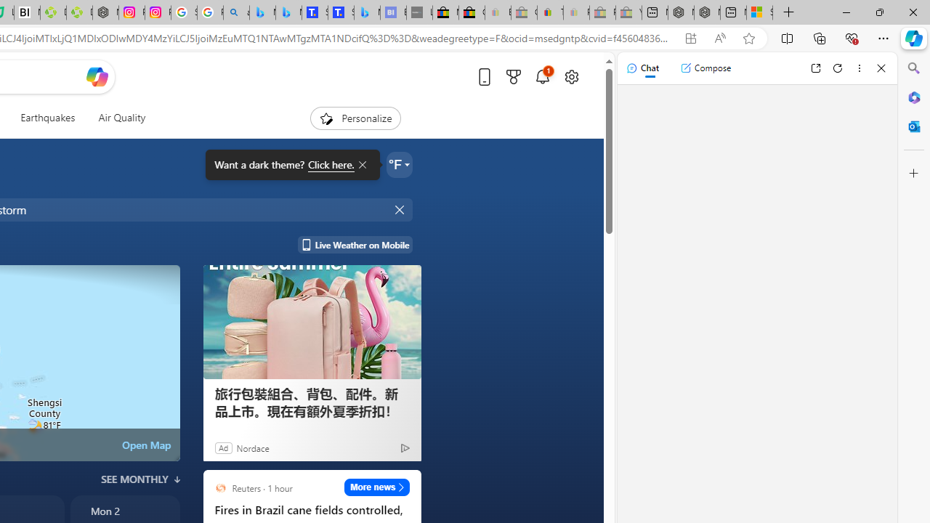 Image resolution: width=930 pixels, height=523 pixels. Describe the element at coordinates (121, 118) in the screenshot. I see `'Air Quality'` at that location.